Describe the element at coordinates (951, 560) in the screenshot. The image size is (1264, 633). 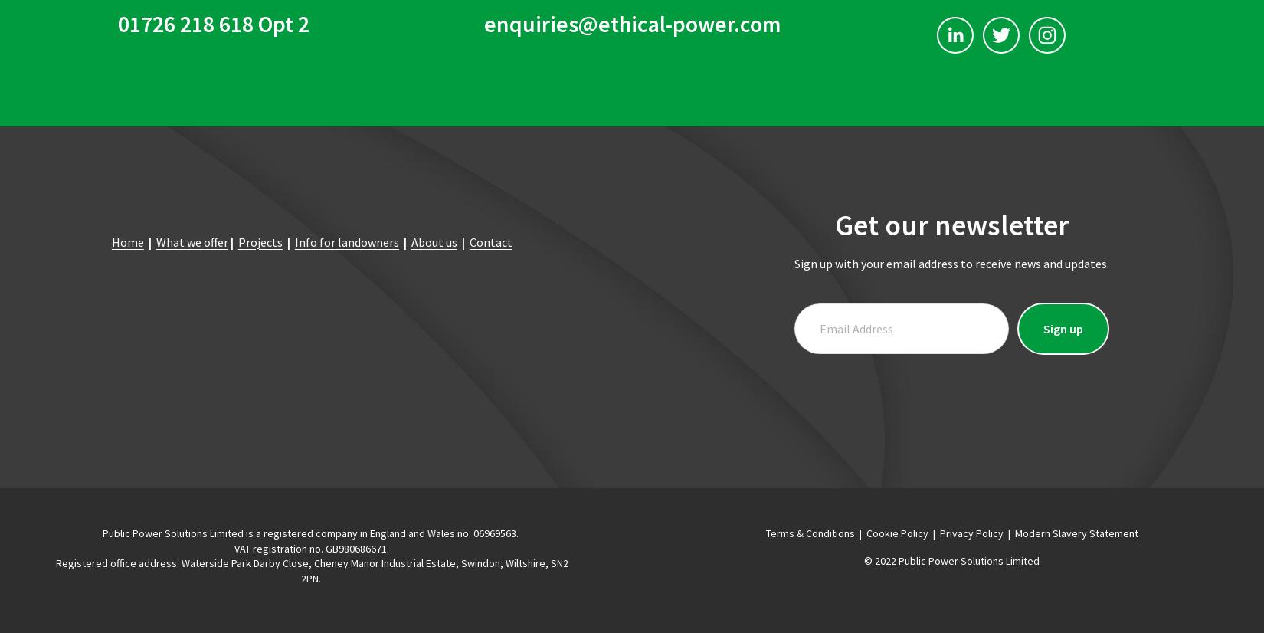
I see `'© 2022 Public Power Solutions Limited'` at that location.